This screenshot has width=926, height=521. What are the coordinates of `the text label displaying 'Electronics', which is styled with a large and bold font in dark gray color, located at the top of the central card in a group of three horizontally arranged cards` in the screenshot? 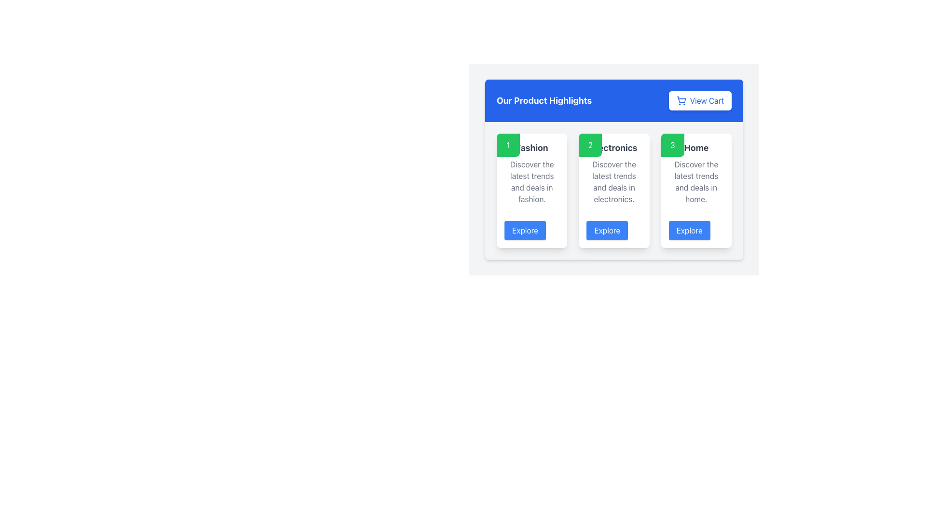 It's located at (613, 148).